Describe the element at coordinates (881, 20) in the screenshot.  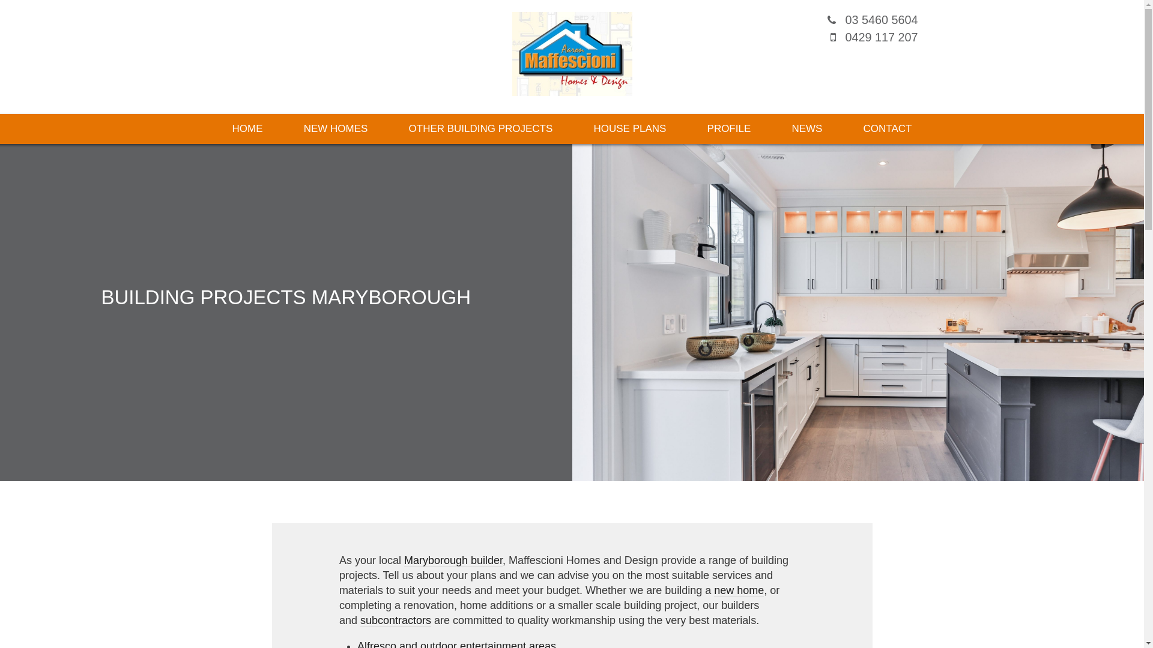
I see `'03 5460 5604'` at that location.